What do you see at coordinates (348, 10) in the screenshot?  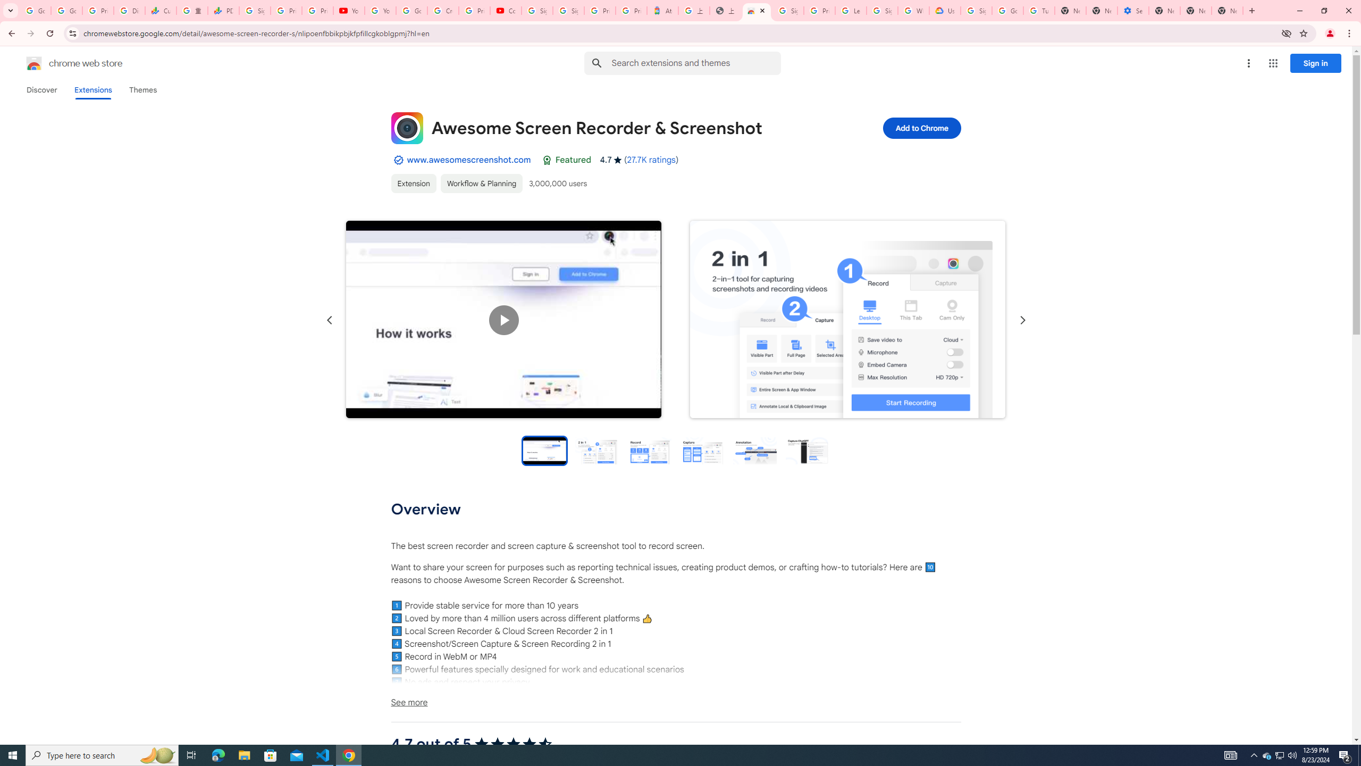 I see `'YouTube'` at bounding box center [348, 10].